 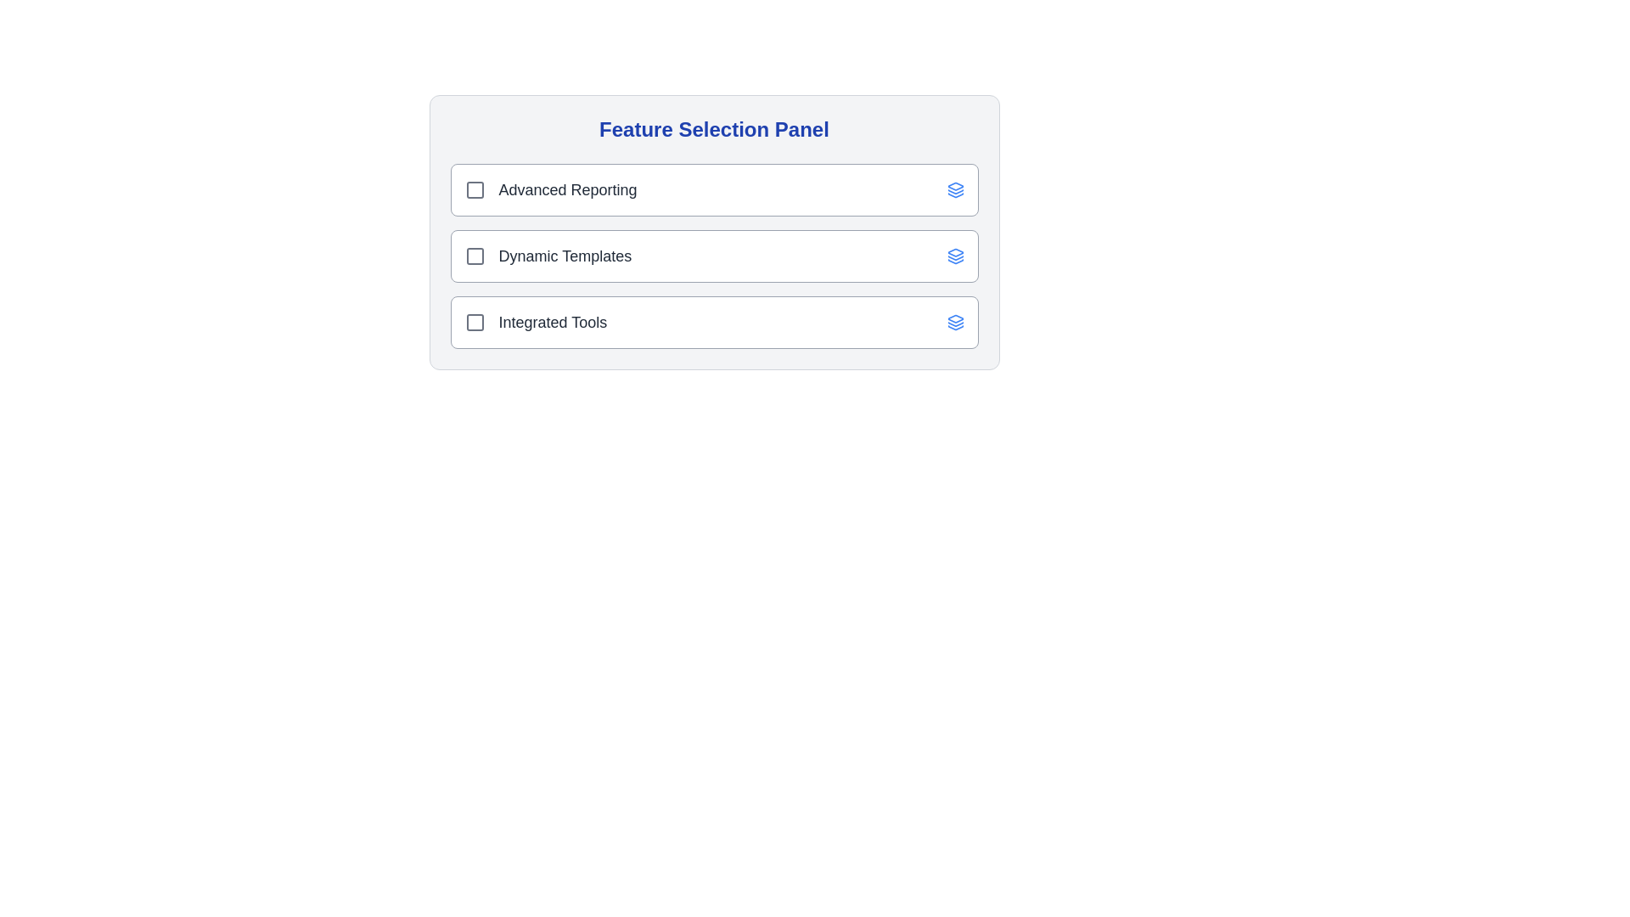 What do you see at coordinates (475, 189) in the screenshot?
I see `the square-shaped outlined box icon with rounded corners in gray, located to the left of the text 'Advanced Reporting' in the feature selection panel` at bounding box center [475, 189].